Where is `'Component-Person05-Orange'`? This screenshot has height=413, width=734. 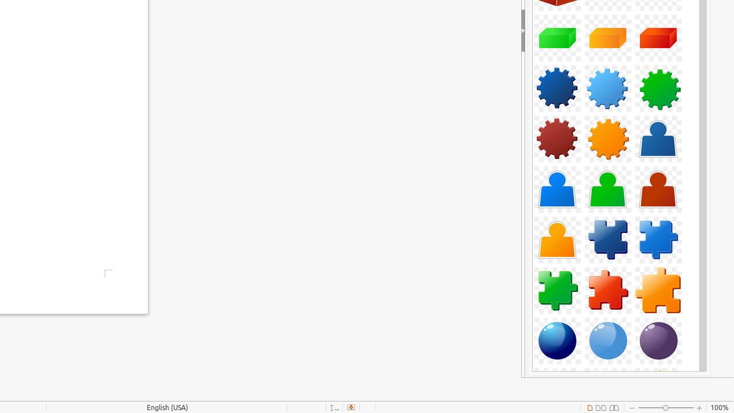
'Component-Person05-Orange' is located at coordinates (557, 239).